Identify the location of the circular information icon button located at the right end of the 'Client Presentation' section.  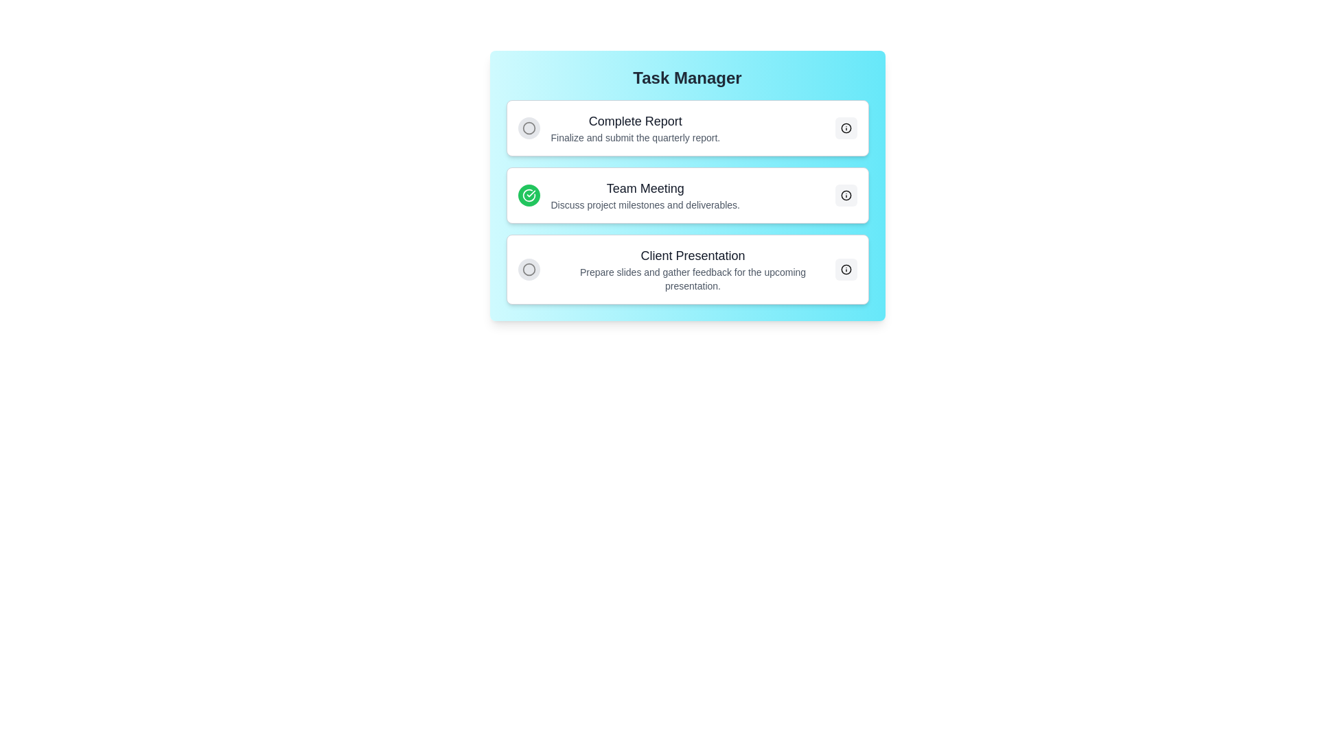
(845, 270).